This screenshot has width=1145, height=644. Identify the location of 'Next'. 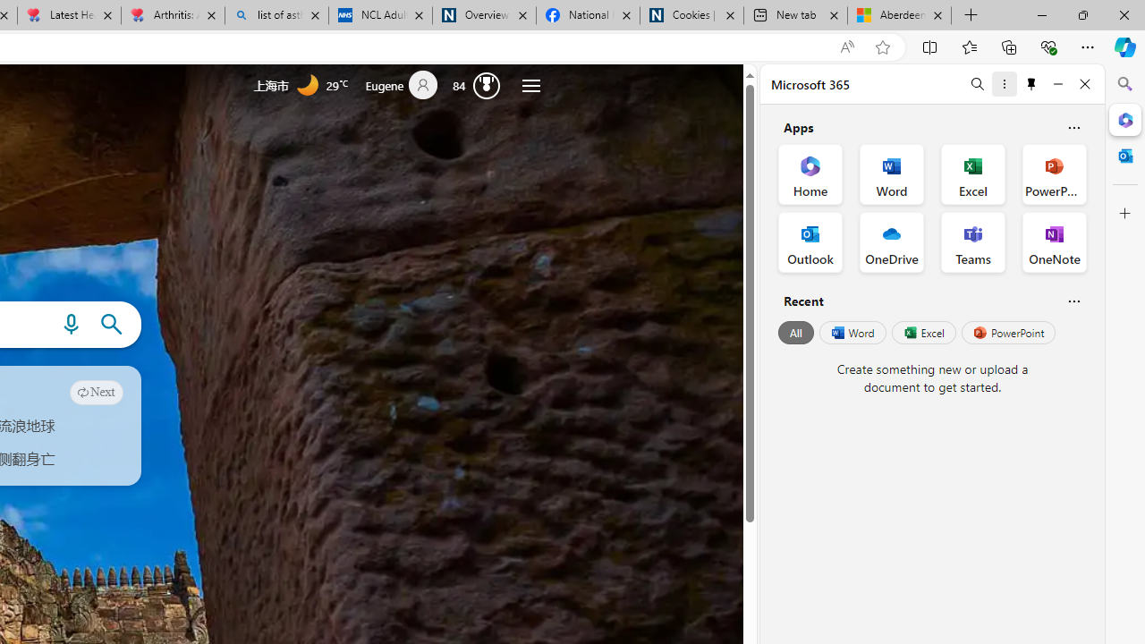
(96, 391).